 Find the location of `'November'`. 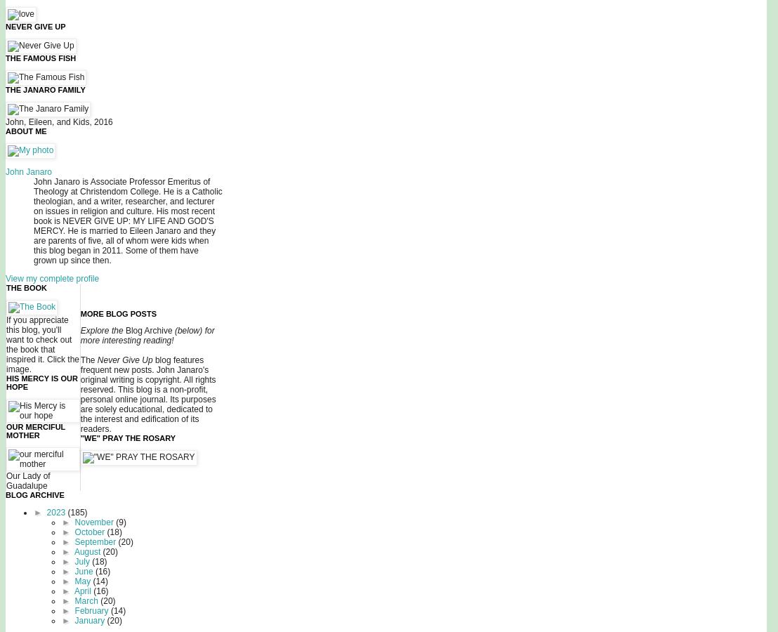

'November' is located at coordinates (95, 522).